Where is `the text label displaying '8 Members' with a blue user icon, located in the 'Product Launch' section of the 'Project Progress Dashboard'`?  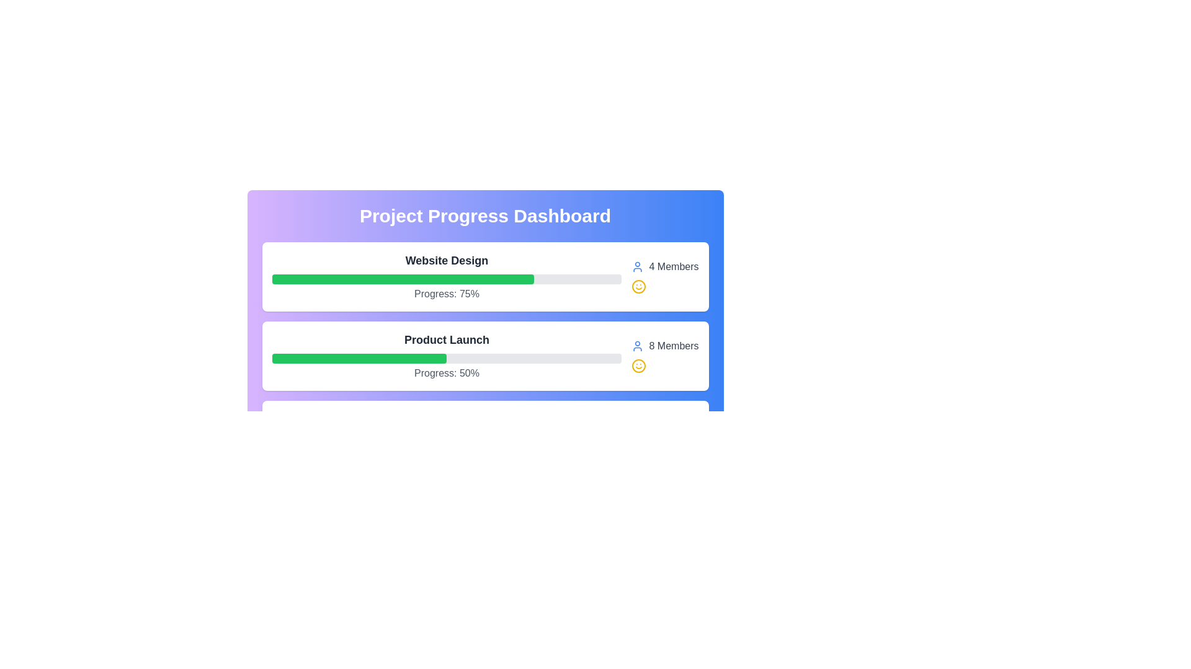
the text label displaying '8 Members' with a blue user icon, located in the 'Product Launch' section of the 'Project Progress Dashboard' is located at coordinates (664, 346).